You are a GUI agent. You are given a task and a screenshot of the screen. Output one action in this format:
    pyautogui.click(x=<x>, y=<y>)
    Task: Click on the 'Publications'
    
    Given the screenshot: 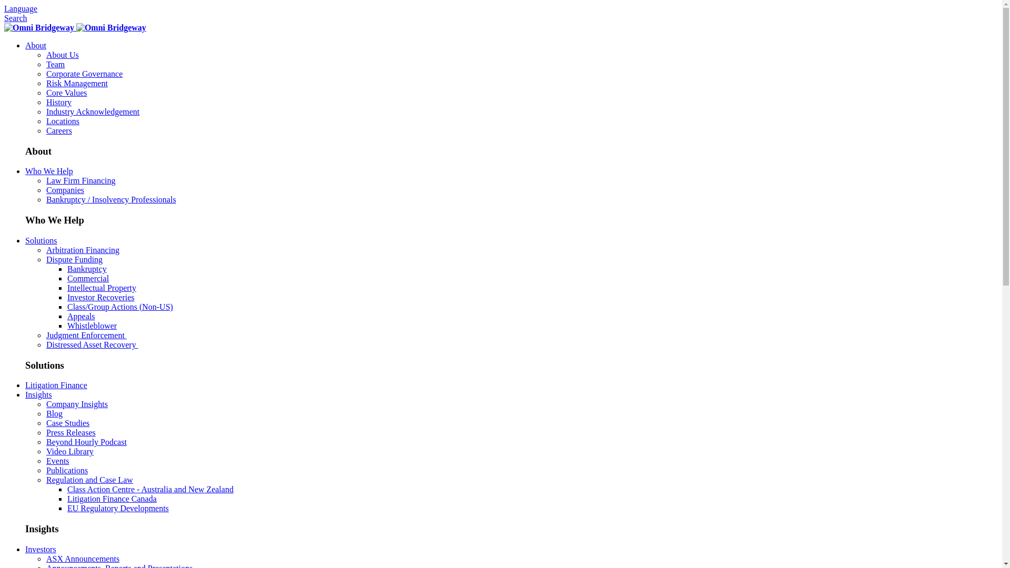 What is the action you would take?
    pyautogui.click(x=66, y=470)
    